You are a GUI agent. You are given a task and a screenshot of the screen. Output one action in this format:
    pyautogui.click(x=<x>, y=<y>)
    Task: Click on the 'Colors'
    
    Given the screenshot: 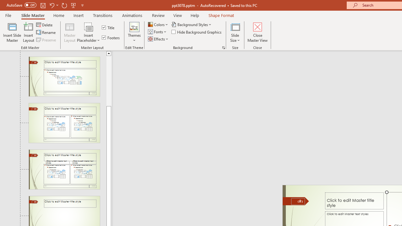 What is the action you would take?
    pyautogui.click(x=158, y=24)
    